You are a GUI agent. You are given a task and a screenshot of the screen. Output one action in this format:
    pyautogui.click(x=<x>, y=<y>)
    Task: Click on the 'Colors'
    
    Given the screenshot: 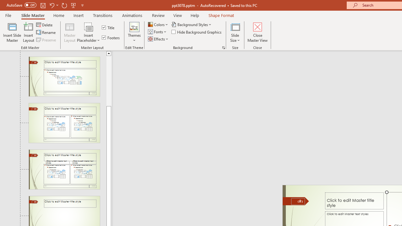 What is the action you would take?
    pyautogui.click(x=158, y=24)
    